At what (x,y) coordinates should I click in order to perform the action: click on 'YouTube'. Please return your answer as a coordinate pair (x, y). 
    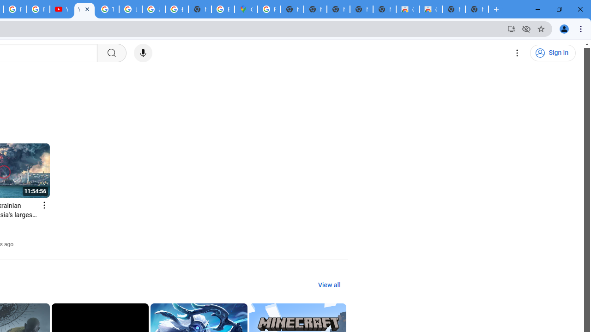
    Looking at the image, I should click on (84, 9).